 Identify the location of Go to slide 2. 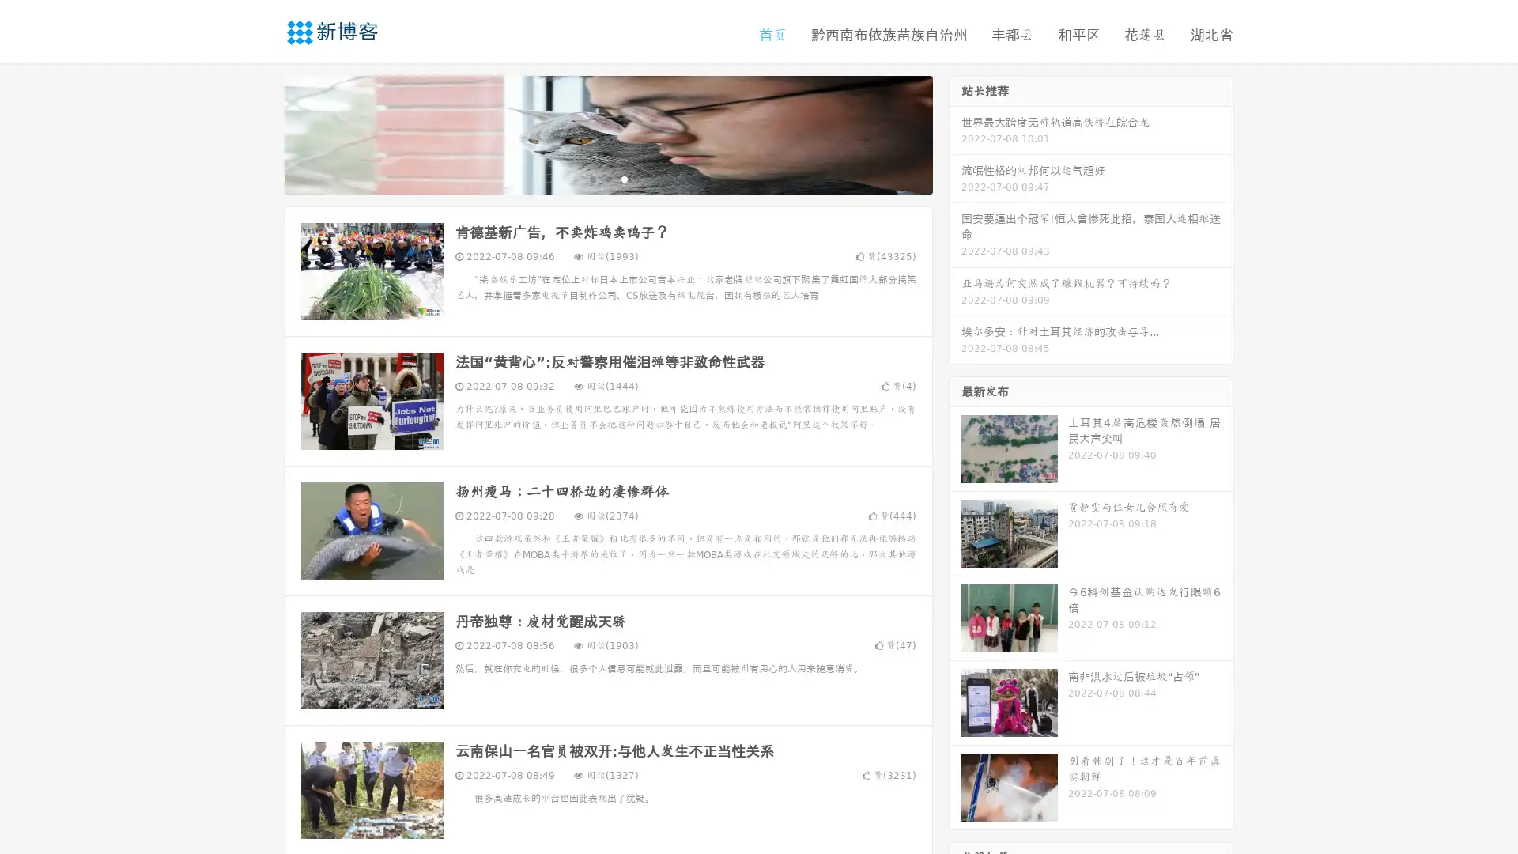
(607, 178).